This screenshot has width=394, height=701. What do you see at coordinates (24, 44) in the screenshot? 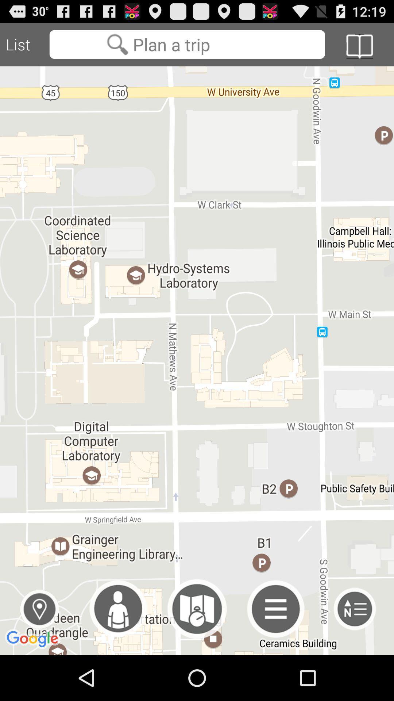
I see `the list icon` at bounding box center [24, 44].